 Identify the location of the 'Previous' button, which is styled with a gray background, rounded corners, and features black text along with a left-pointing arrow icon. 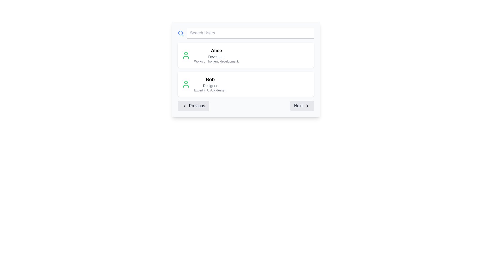
(193, 105).